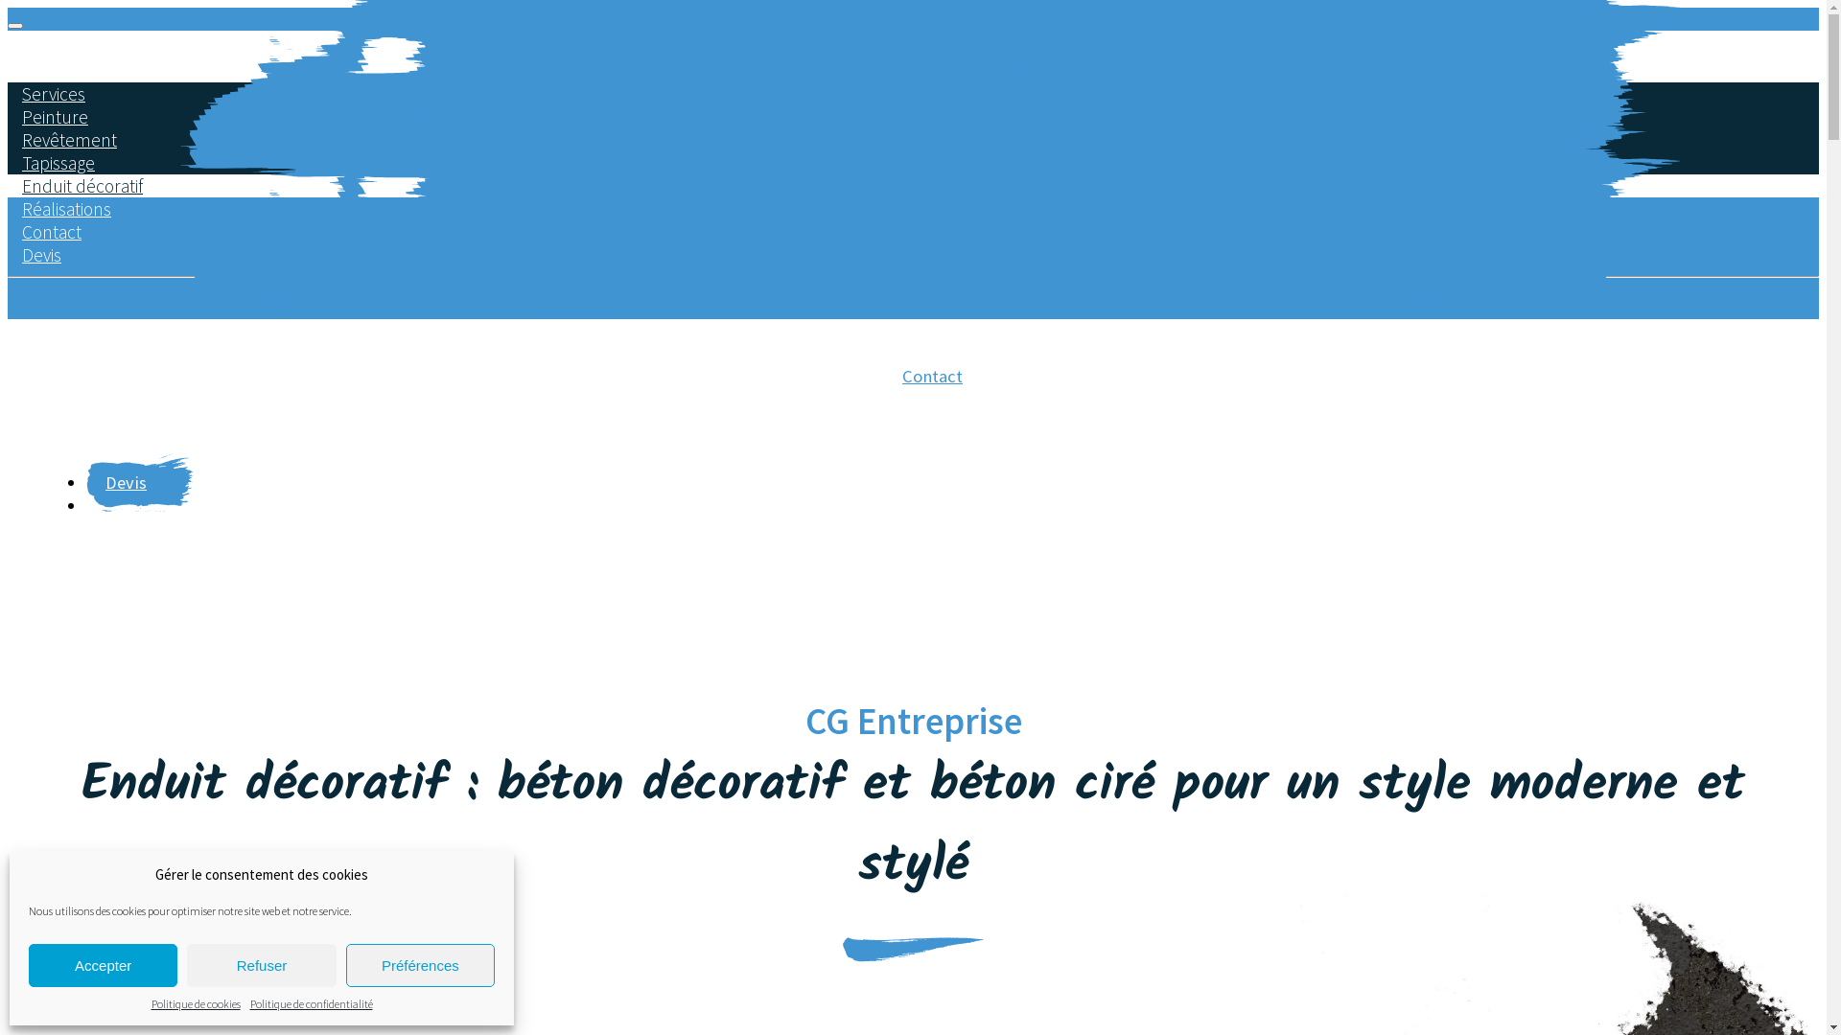  What do you see at coordinates (196, 1002) in the screenshot?
I see `'Politique de cookies'` at bounding box center [196, 1002].